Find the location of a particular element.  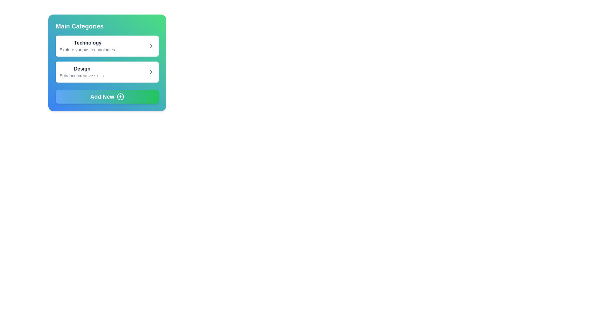

the gray-stroke Chevron icon located in the top-right corner of the 'Technology' card for visual feedback is located at coordinates (151, 46).